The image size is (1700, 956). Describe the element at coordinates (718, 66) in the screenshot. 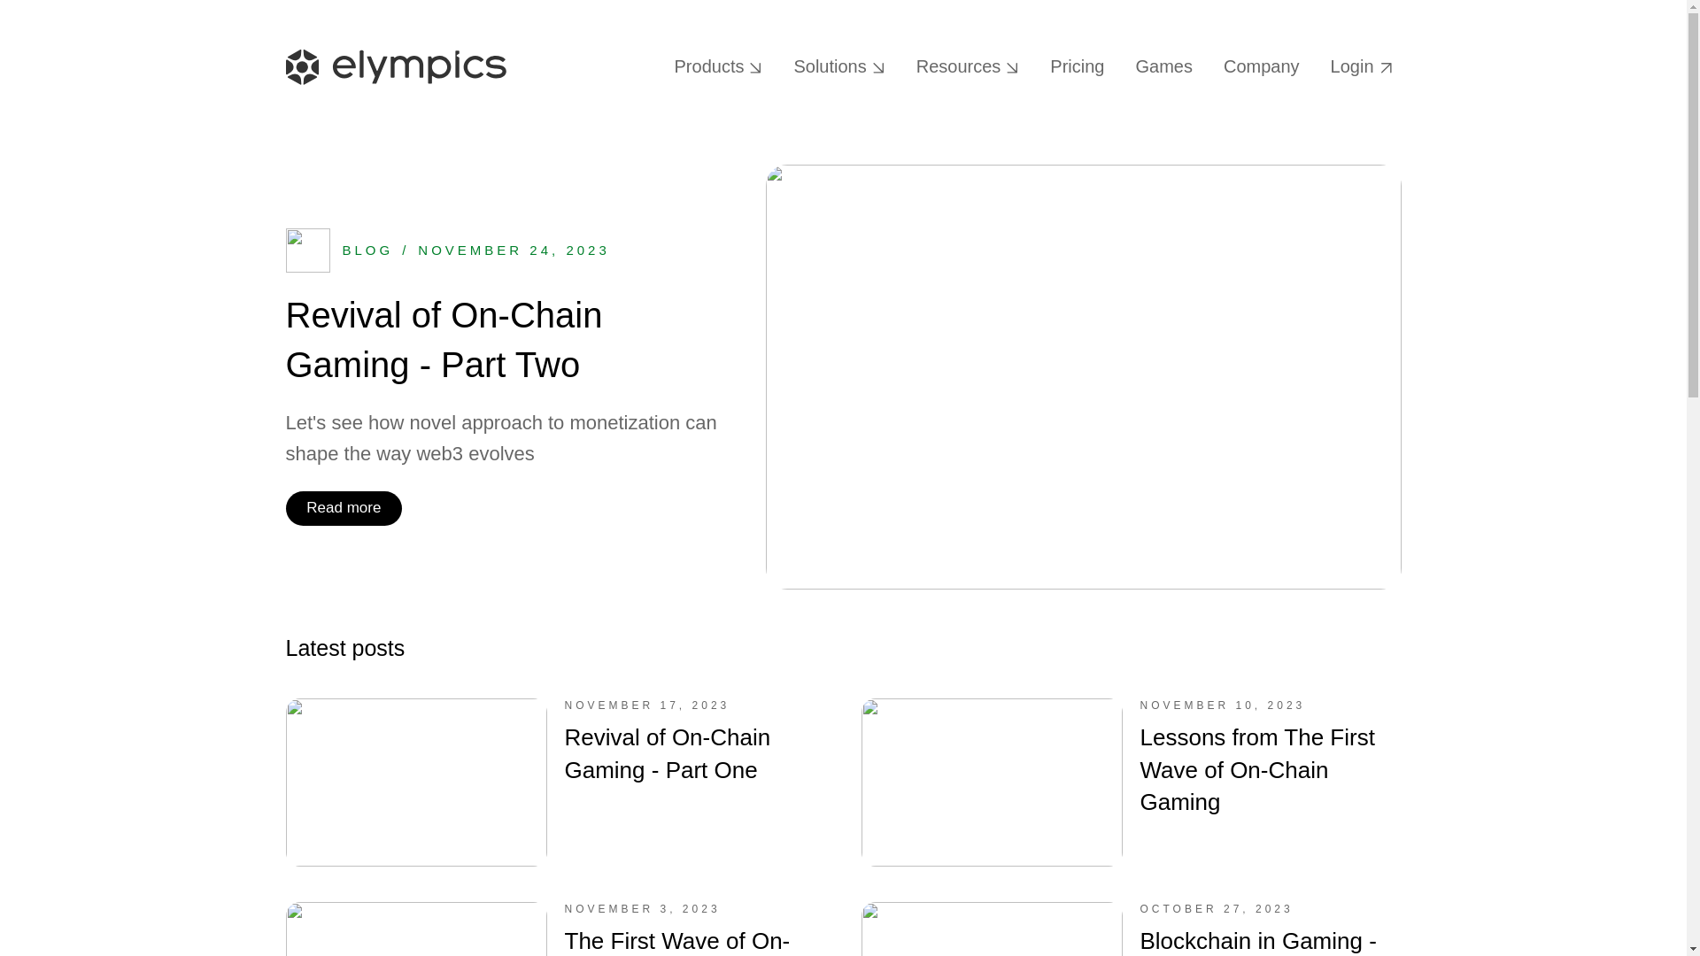

I see `'Products'` at that location.